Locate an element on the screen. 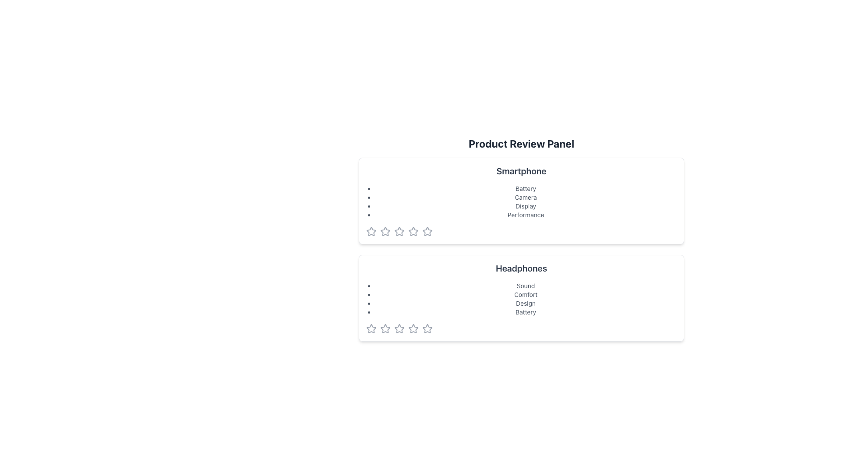  the text label displaying 'Camera', which is the second item in the bullet-point list under 'Smartphone' is located at coordinates (526, 198).